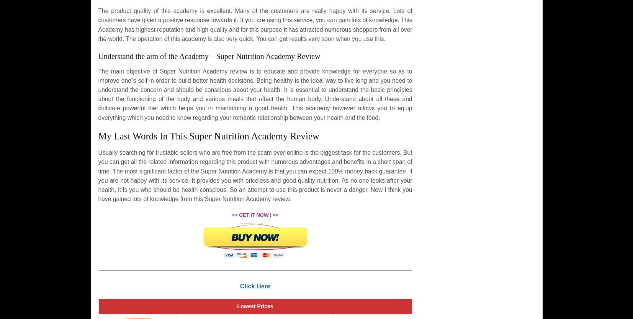 The image size is (633, 319). I want to click on 'is to educate and provide knowledge for everyone so as to improve one”s self in order to build better health decisions. Being healthy is the ideal way to live long and you need to understand the concern and should be conscious about your health. It is essential to understand the basic principles about the functioning of the body and various meals that affect the human body. Understand about all these and cultivate powerful diet which helps you in maintaining a good health. This academy however allows you to equip everything which you need to know regarding your romantic relationship between your health and the food.', so click(254, 94).